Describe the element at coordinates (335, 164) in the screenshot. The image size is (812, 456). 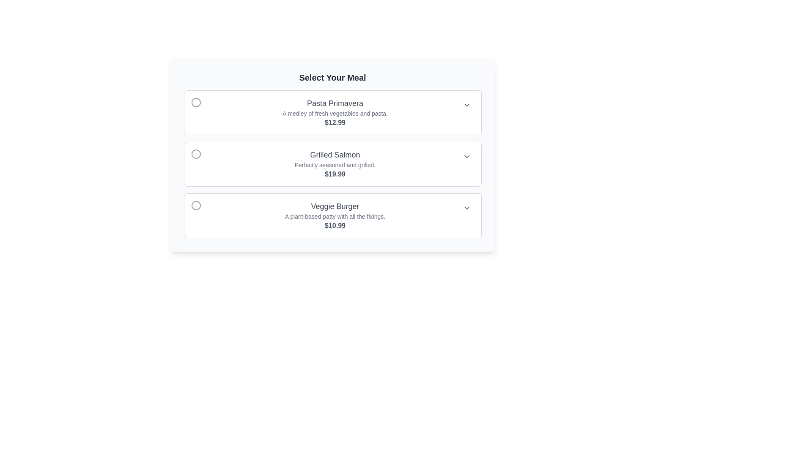
I see `information displayed in the second item of the food menu, which is the Informational display block showing details about a food item` at that location.